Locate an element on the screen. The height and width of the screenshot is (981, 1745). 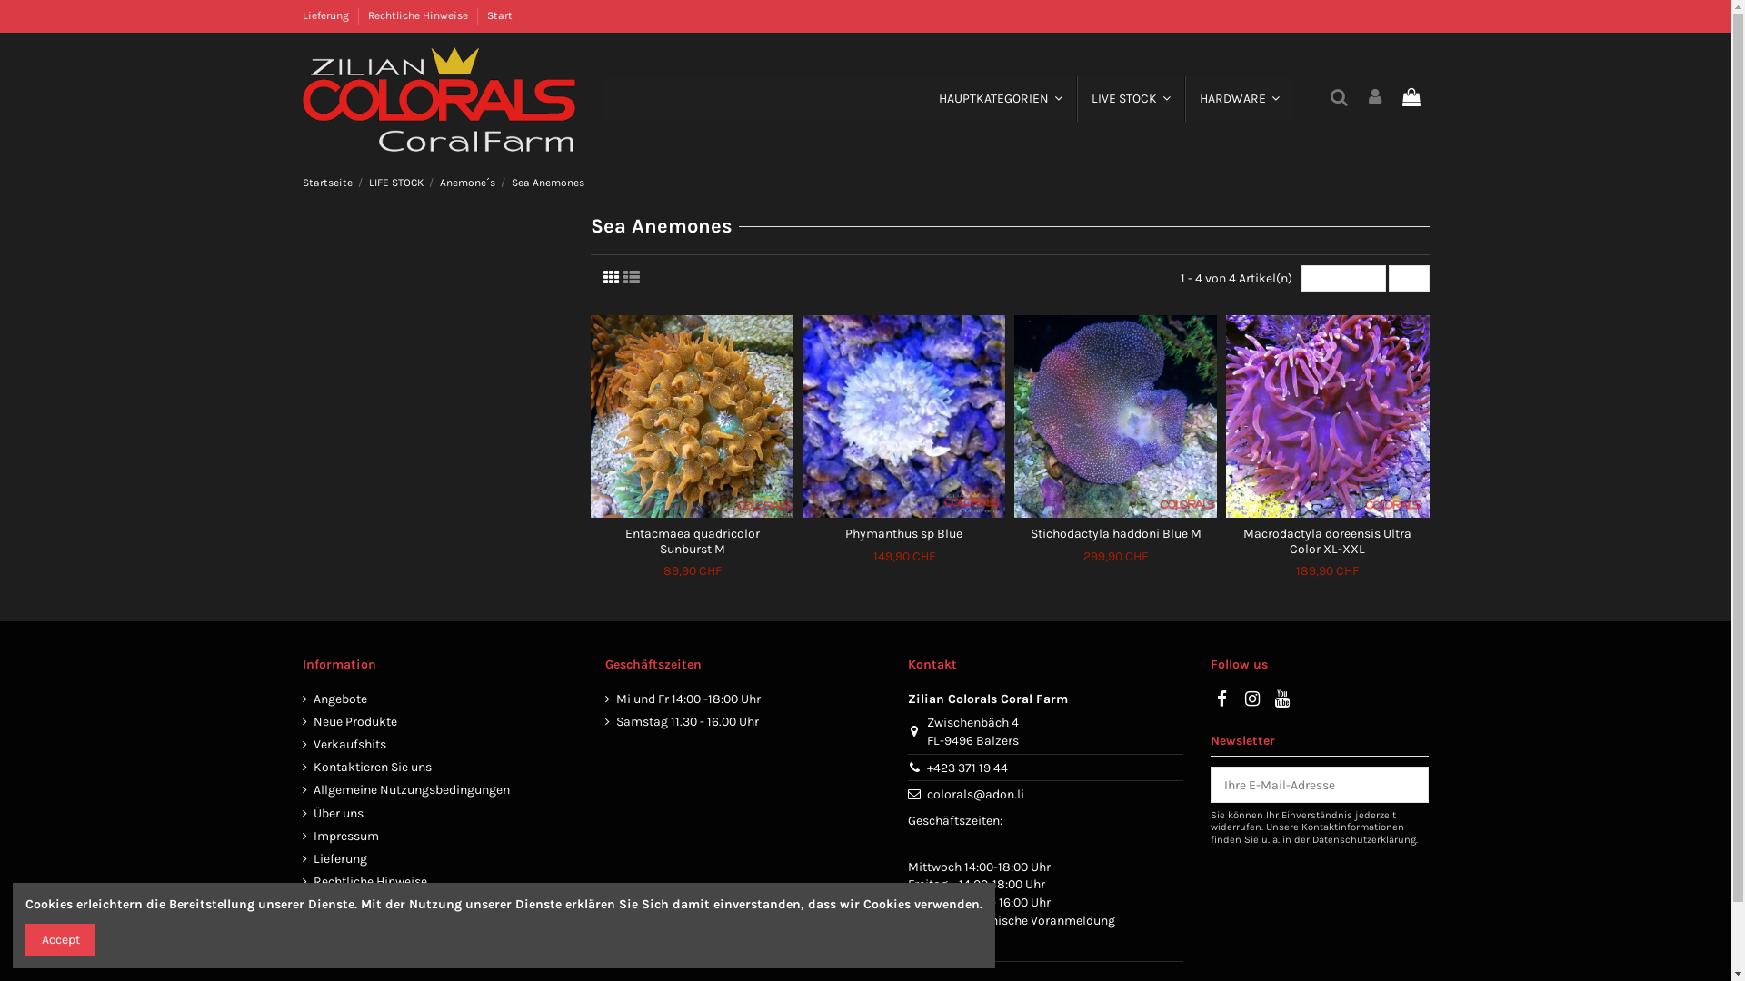
'colorals@adon.li' is located at coordinates (974, 793).